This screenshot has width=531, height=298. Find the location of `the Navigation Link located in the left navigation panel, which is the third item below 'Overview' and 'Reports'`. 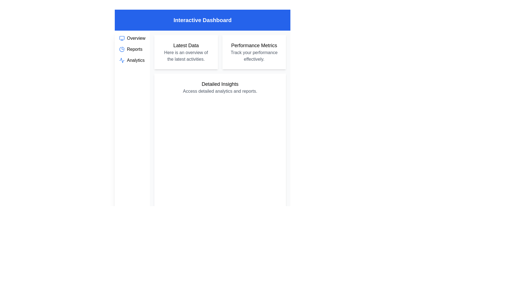

the Navigation Link located in the left navigation panel, which is the third item below 'Overview' and 'Reports' is located at coordinates (132, 60).